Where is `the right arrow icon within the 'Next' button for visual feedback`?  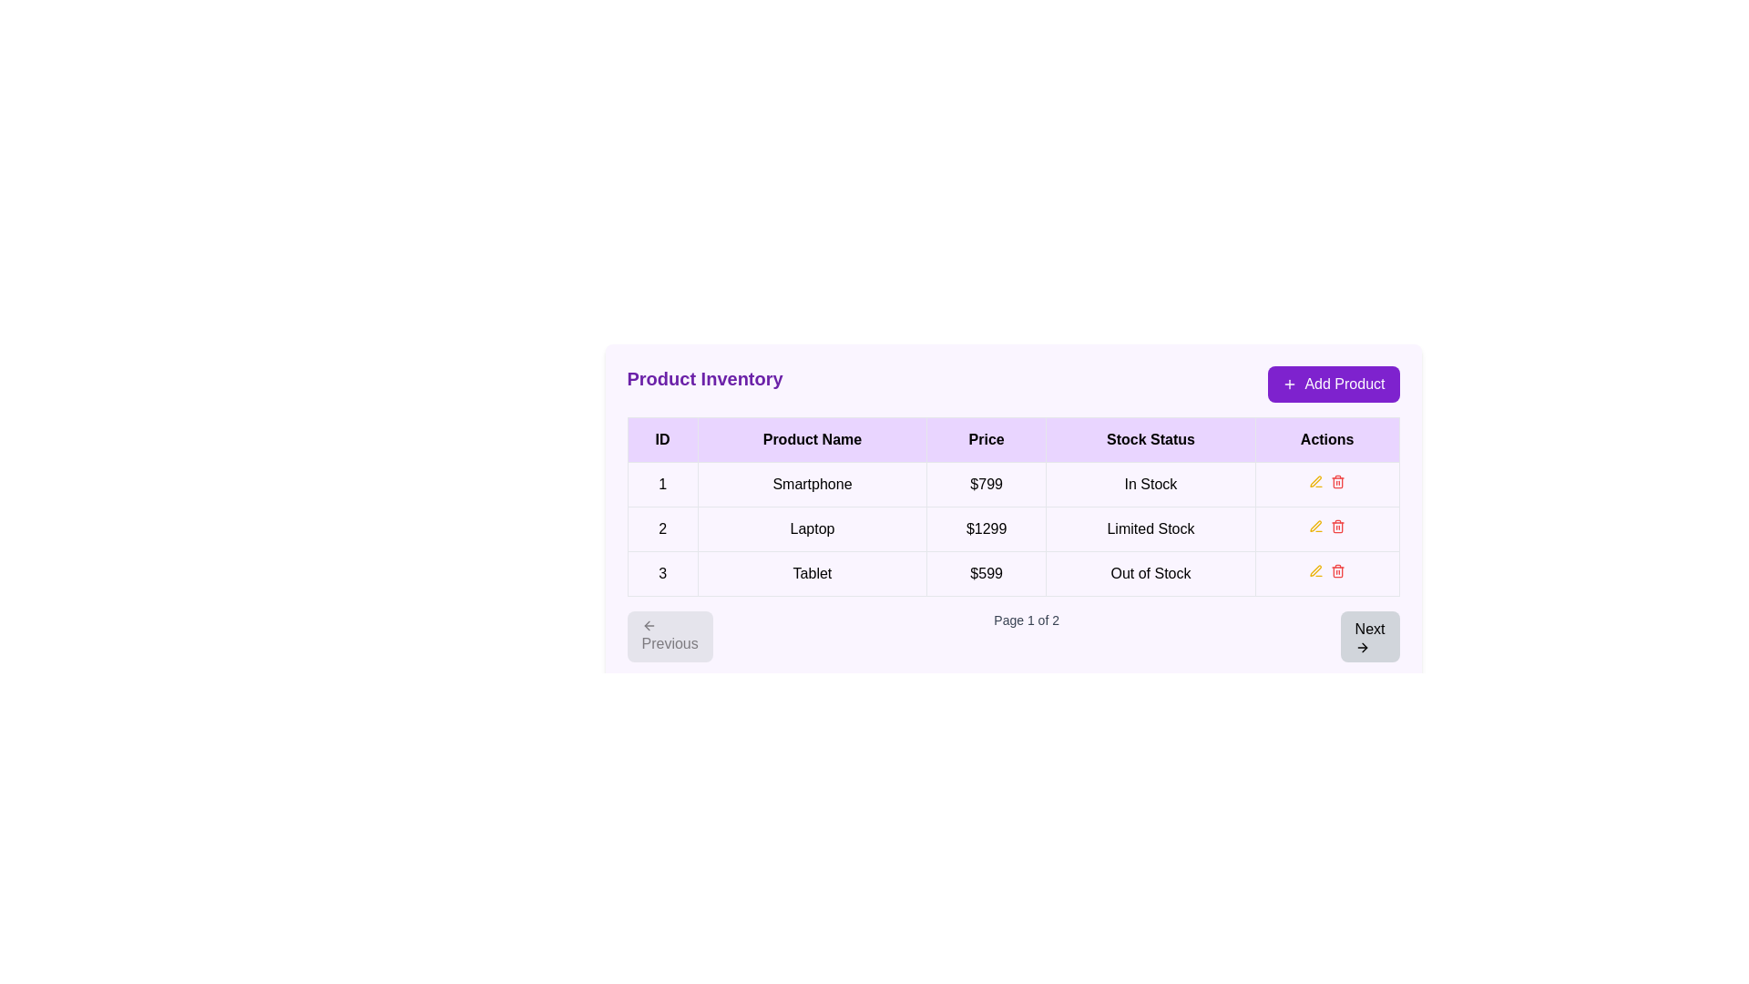
the right arrow icon within the 'Next' button for visual feedback is located at coordinates (1362, 646).